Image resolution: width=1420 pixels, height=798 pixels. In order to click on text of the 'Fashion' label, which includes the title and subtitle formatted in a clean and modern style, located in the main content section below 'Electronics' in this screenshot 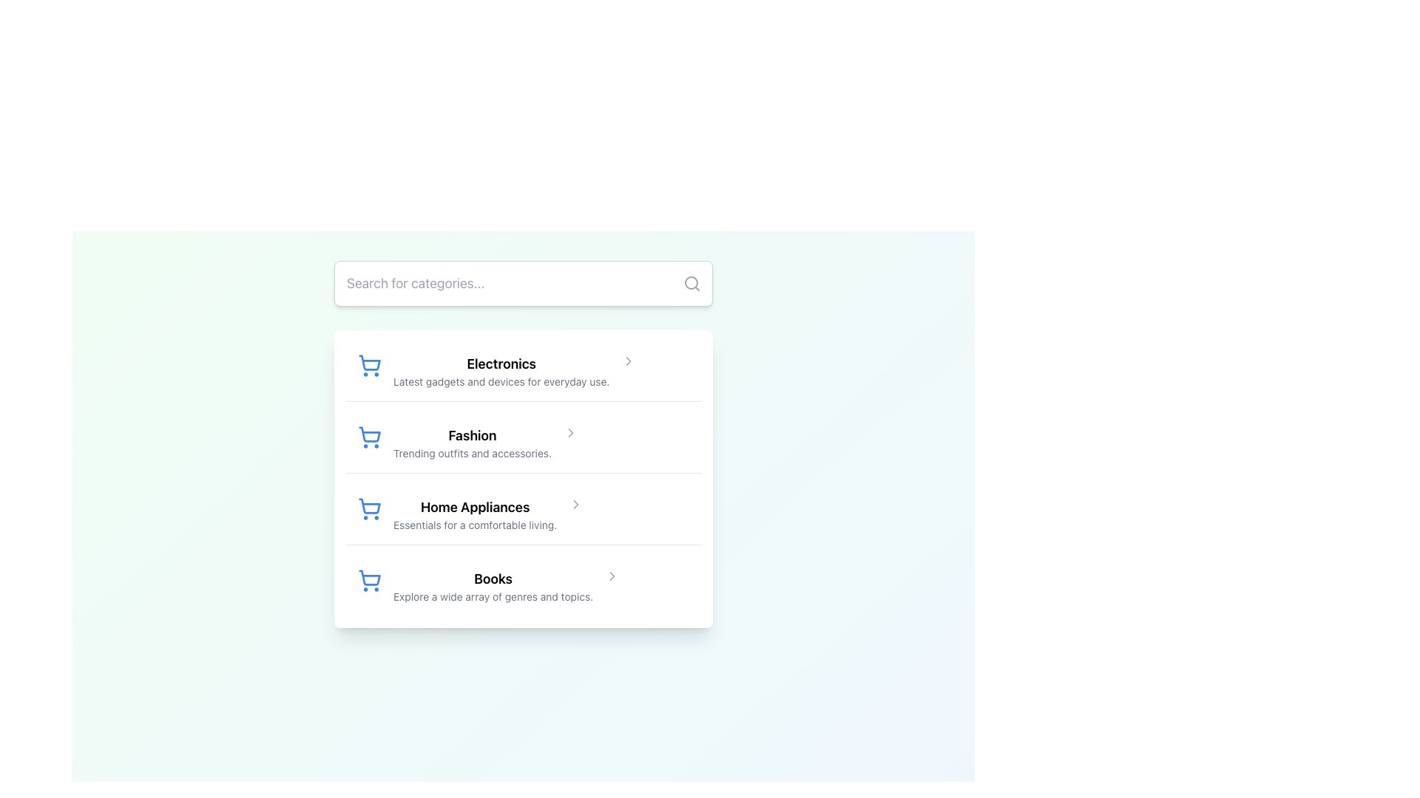, I will do `click(471, 443)`.